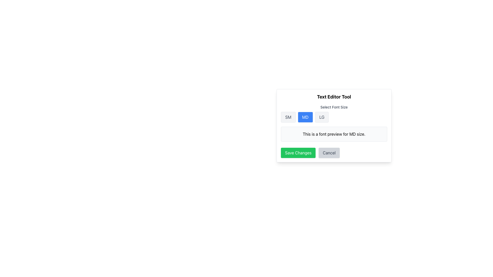 The image size is (493, 277). What do you see at coordinates (298, 153) in the screenshot?
I see `the 'Save Changes' button with a green background and white text` at bounding box center [298, 153].